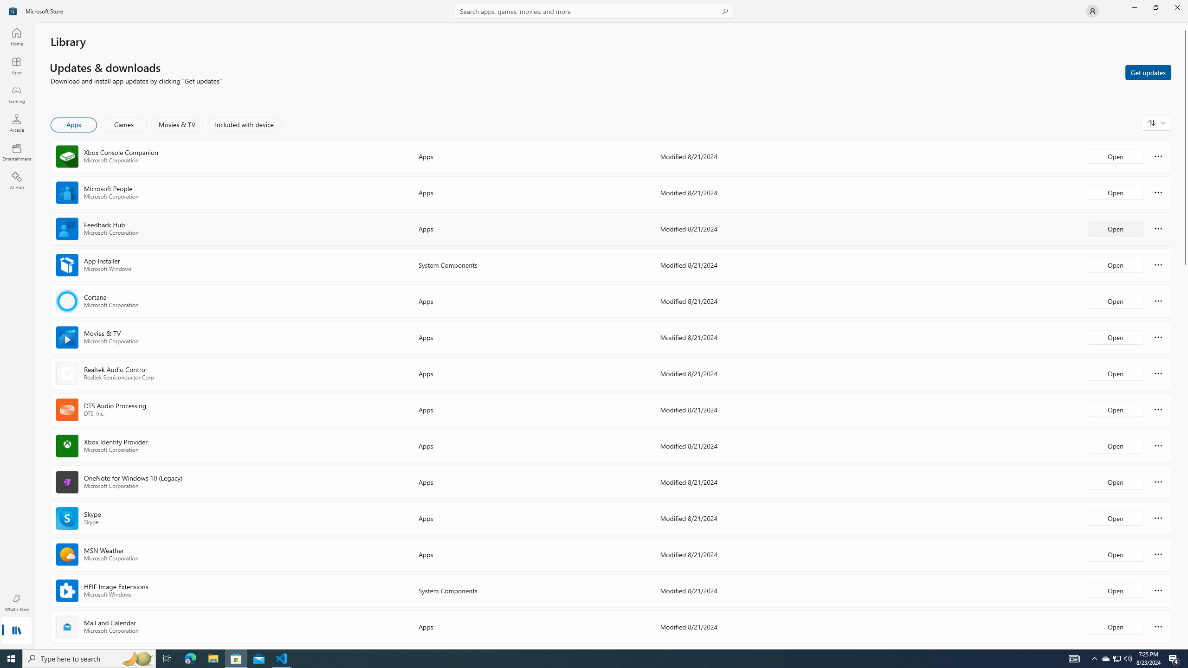 This screenshot has width=1188, height=668. Describe the element at coordinates (13, 10) in the screenshot. I see `'Class: Image'` at that location.